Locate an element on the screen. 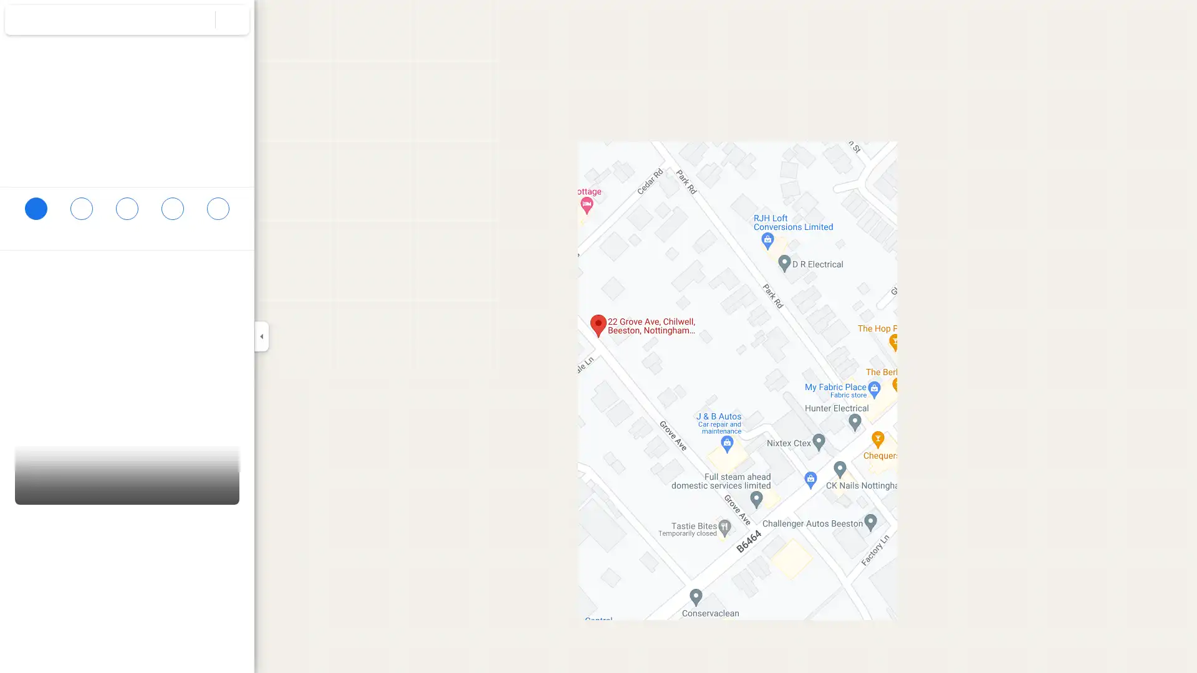 This screenshot has width=1197, height=673. Search is located at coordinates (198, 19).